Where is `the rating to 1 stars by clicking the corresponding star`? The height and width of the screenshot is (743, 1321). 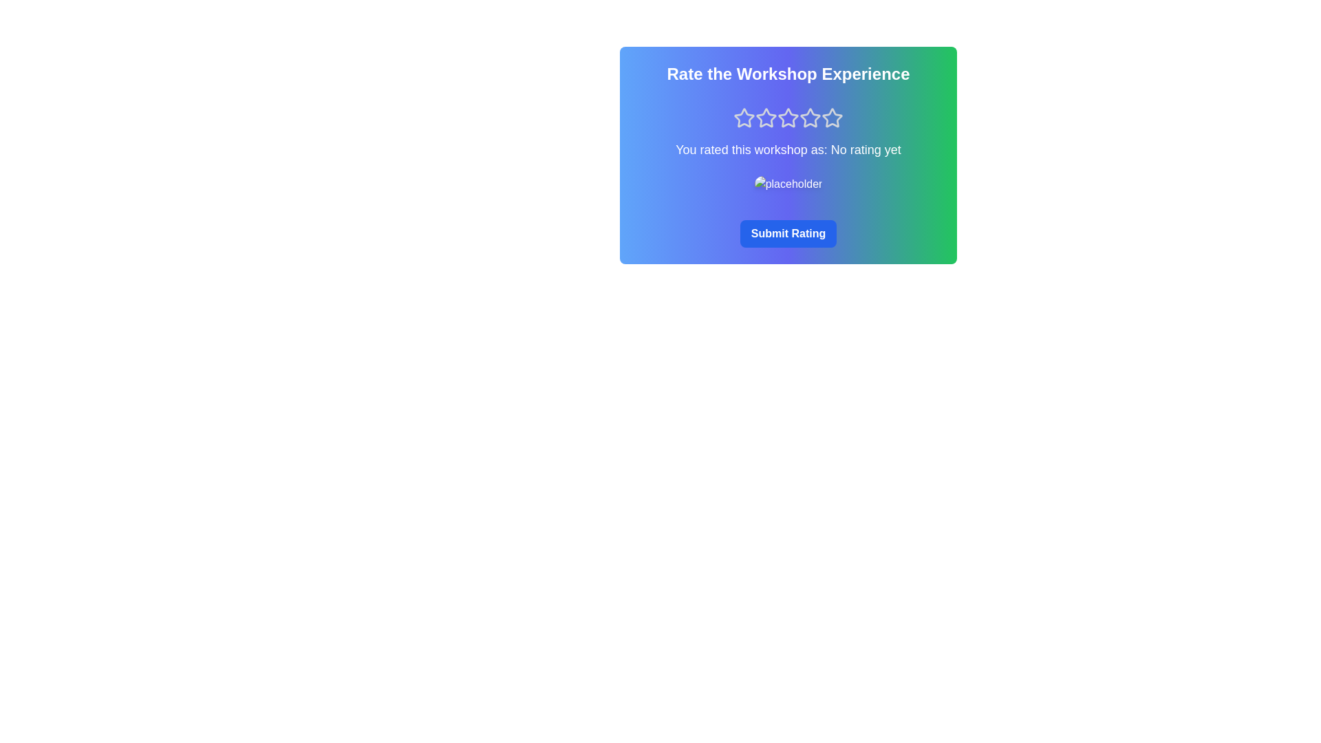 the rating to 1 stars by clicking the corresponding star is located at coordinates (743, 118).